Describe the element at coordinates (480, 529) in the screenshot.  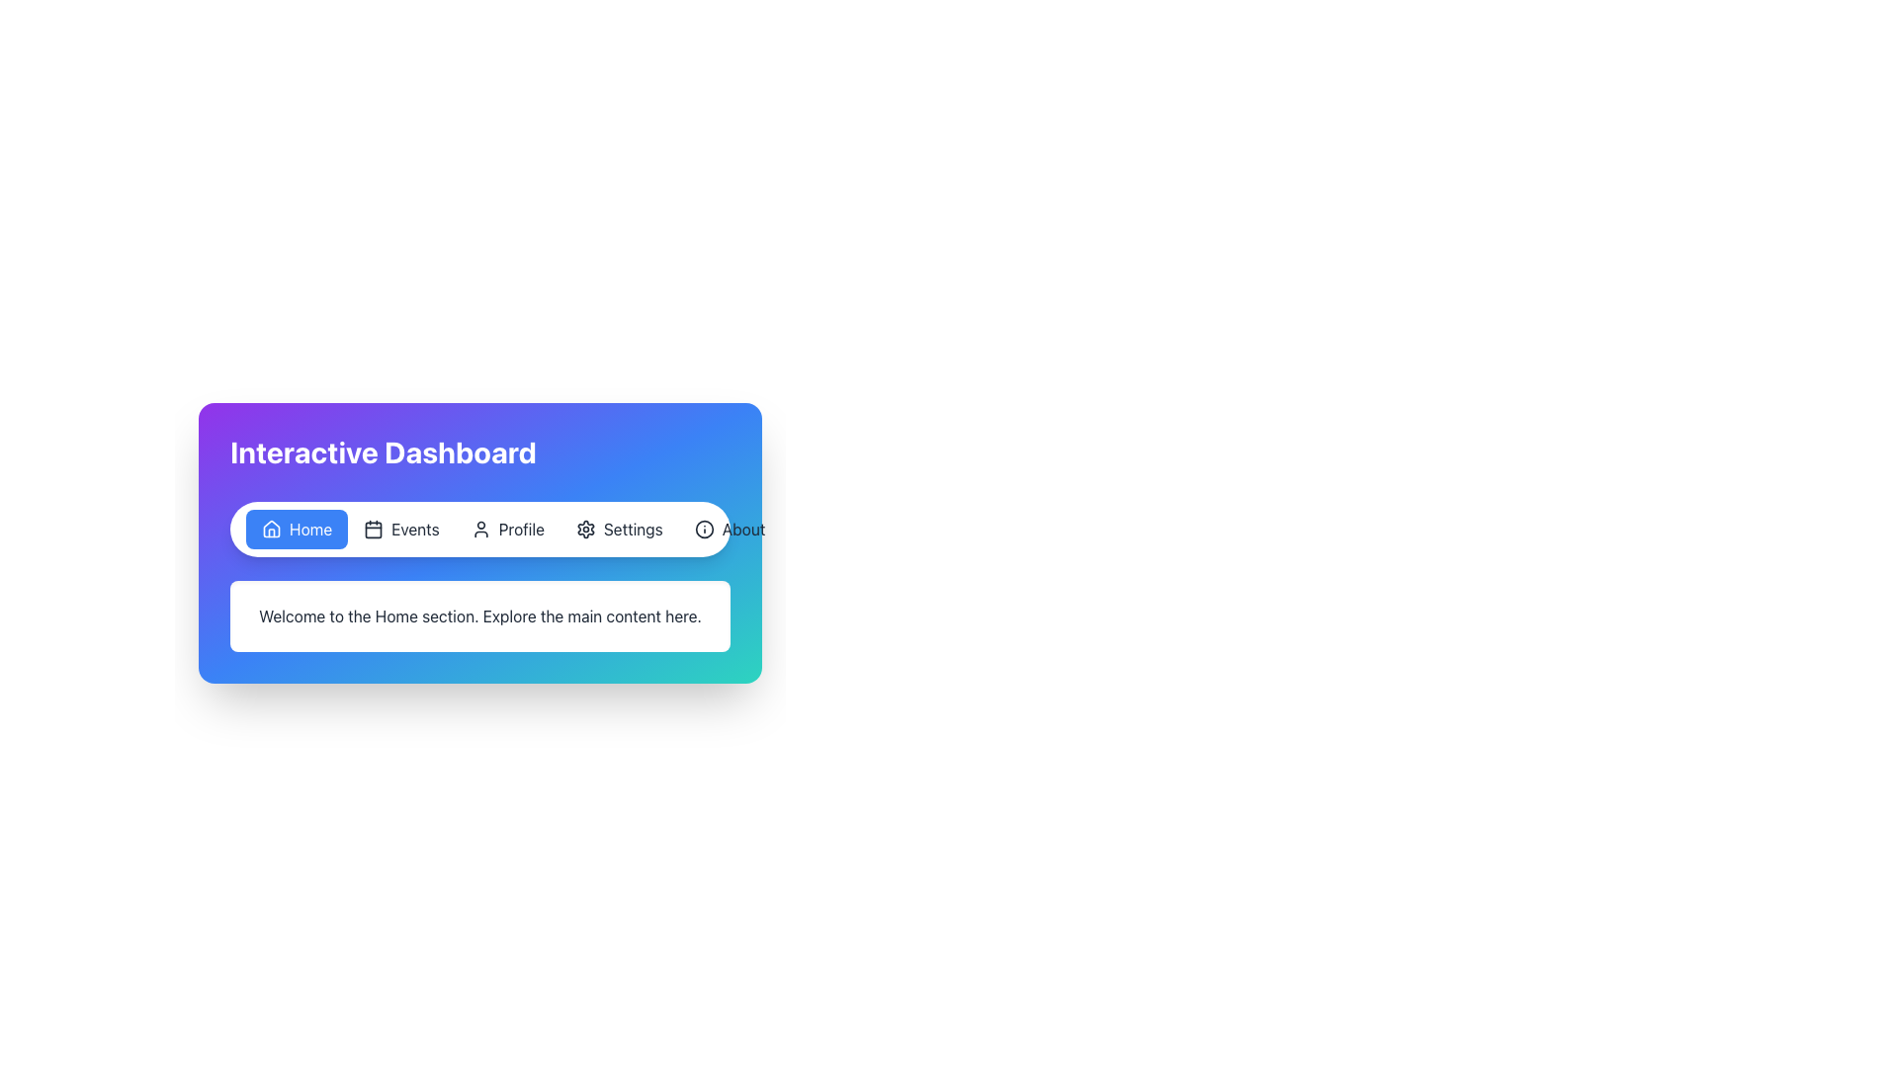
I see `the user account icon located to the left of the text 'Profile' in the horizontal navigation bar` at that location.